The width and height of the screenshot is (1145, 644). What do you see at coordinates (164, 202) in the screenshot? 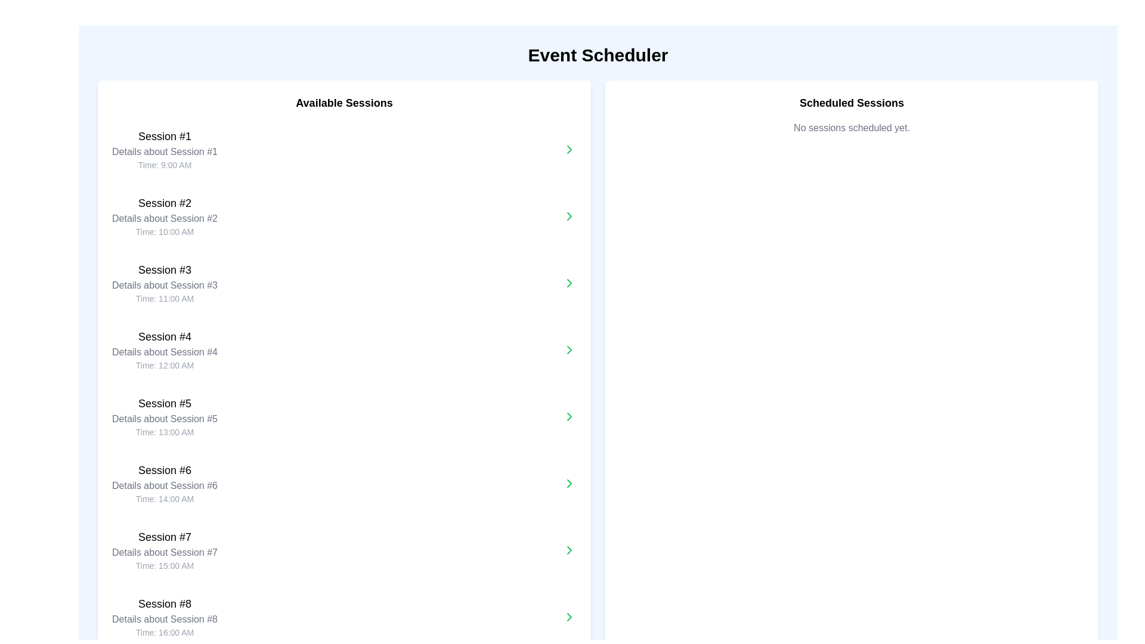
I see `the bold text label 'Session #2' located in the left column under 'Available Sessions', positioned between 'Session #1' and 'Session #3'` at bounding box center [164, 202].